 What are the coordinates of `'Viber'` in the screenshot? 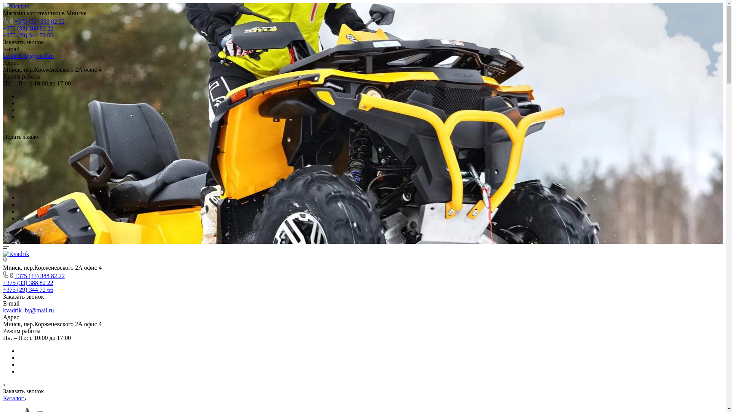 It's located at (21, 218).